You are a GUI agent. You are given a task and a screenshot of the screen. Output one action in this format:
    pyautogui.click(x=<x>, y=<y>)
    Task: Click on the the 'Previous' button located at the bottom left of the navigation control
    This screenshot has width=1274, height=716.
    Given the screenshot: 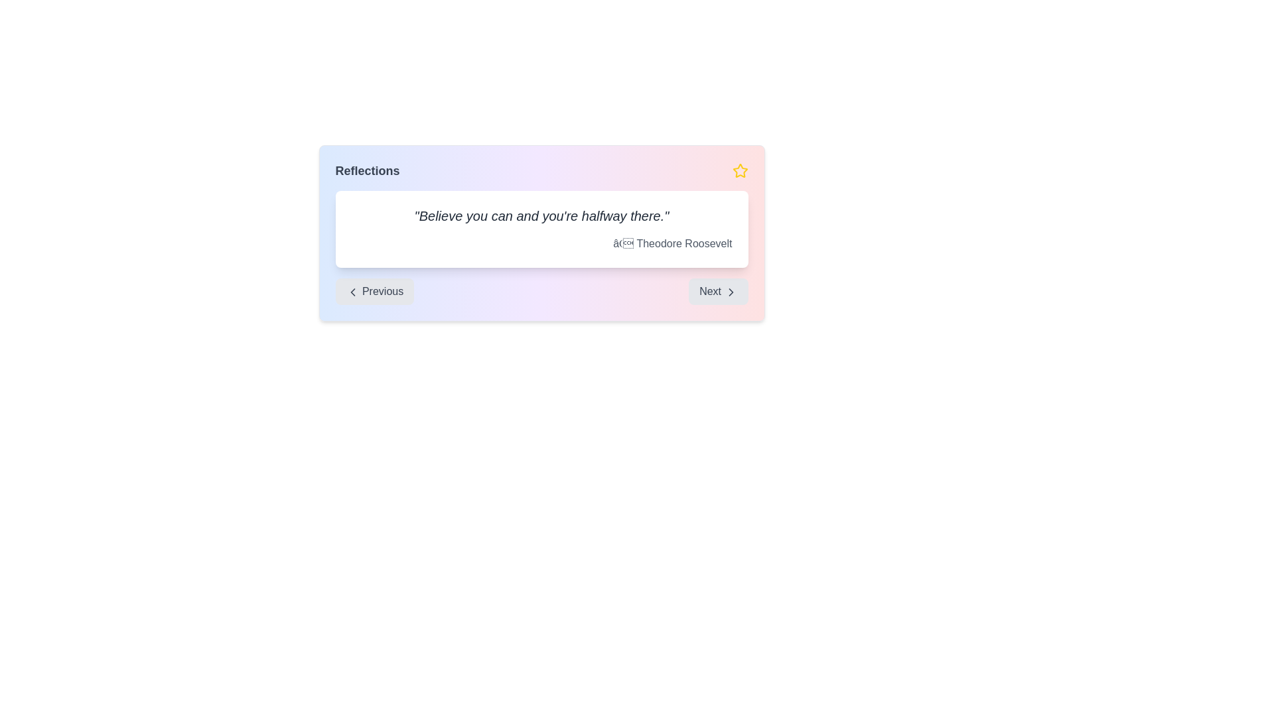 What is the action you would take?
    pyautogui.click(x=374, y=290)
    